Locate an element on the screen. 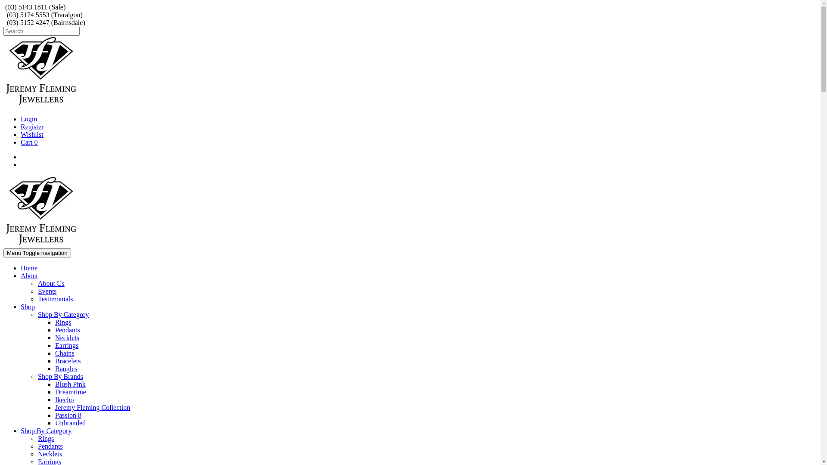  'Pendants' is located at coordinates (55, 329).